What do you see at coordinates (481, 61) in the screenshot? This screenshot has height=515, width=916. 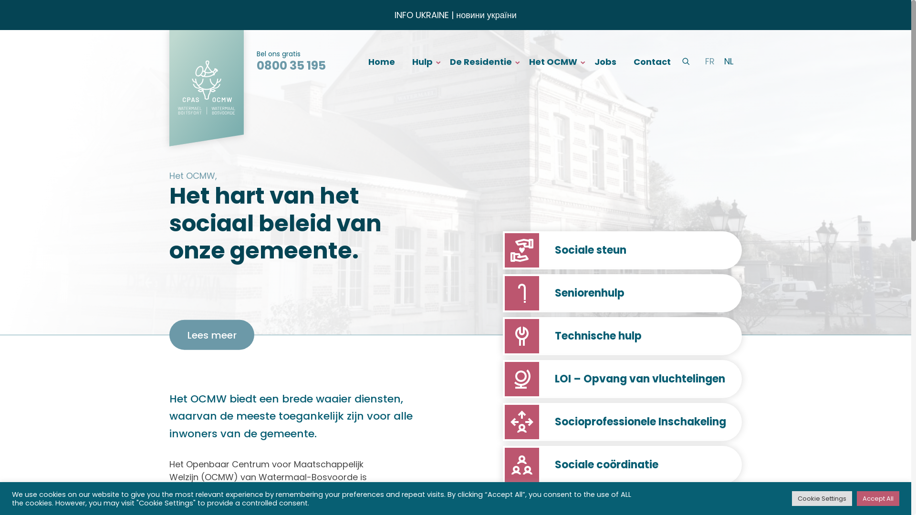 I see `'De Residentie'` at bounding box center [481, 61].